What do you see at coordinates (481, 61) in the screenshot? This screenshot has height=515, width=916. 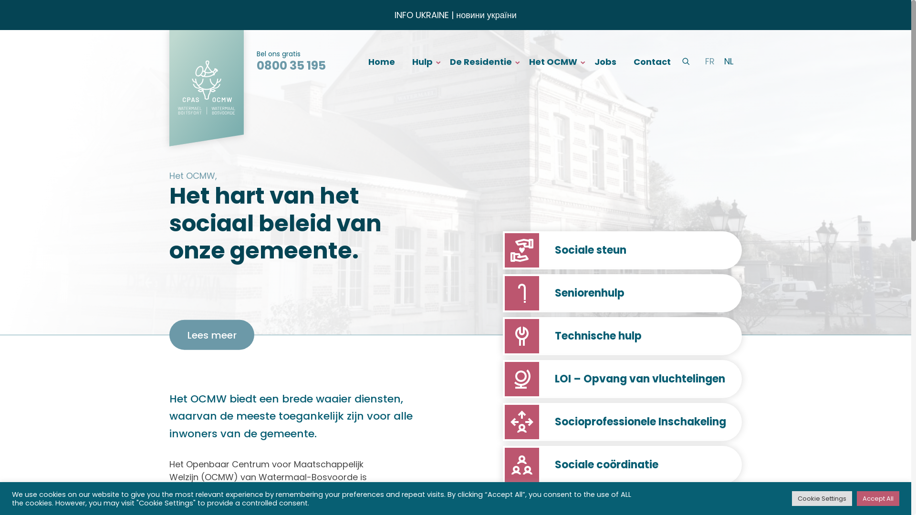 I see `'De Residentie'` at bounding box center [481, 61].